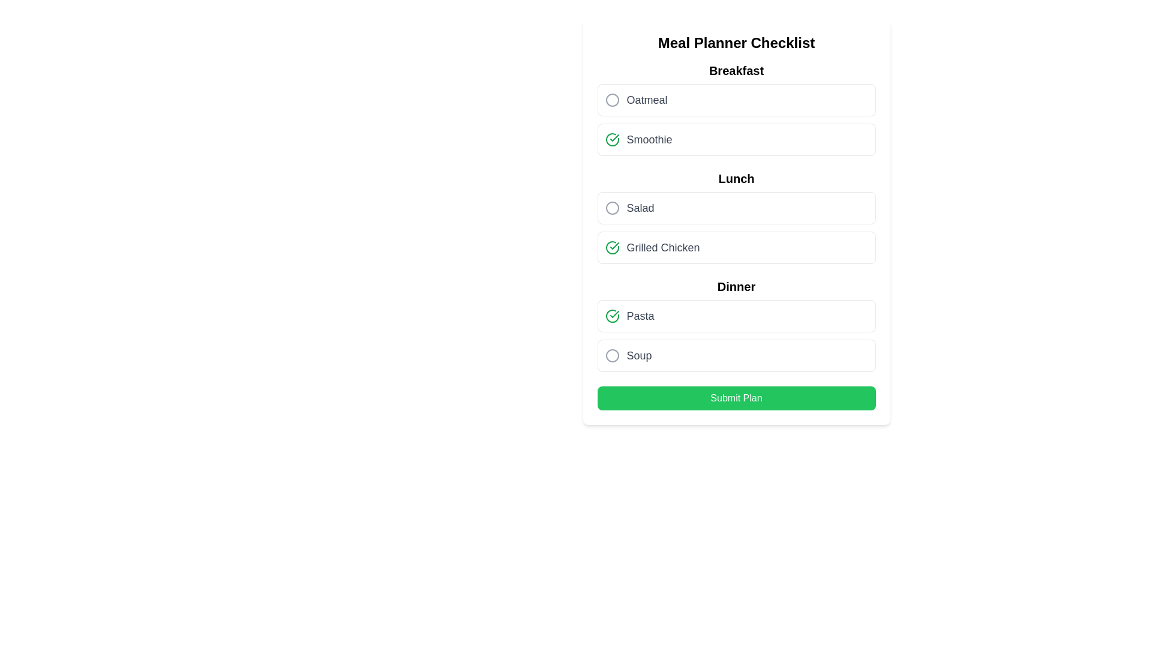 This screenshot has height=648, width=1152. Describe the element at coordinates (612, 355) in the screenshot. I see `the decorative circular marker indicating the 'Soup' choice in the 'Dinner' section of the checklist` at that location.